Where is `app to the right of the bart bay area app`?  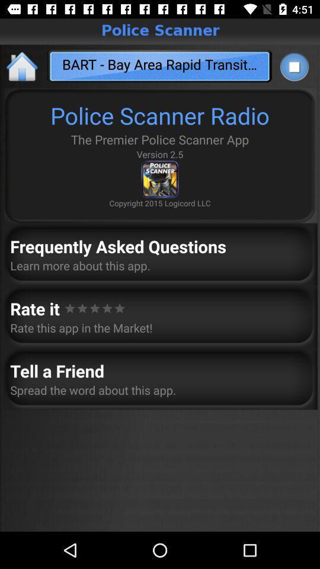 app to the right of the bart bay area app is located at coordinates (293, 66).